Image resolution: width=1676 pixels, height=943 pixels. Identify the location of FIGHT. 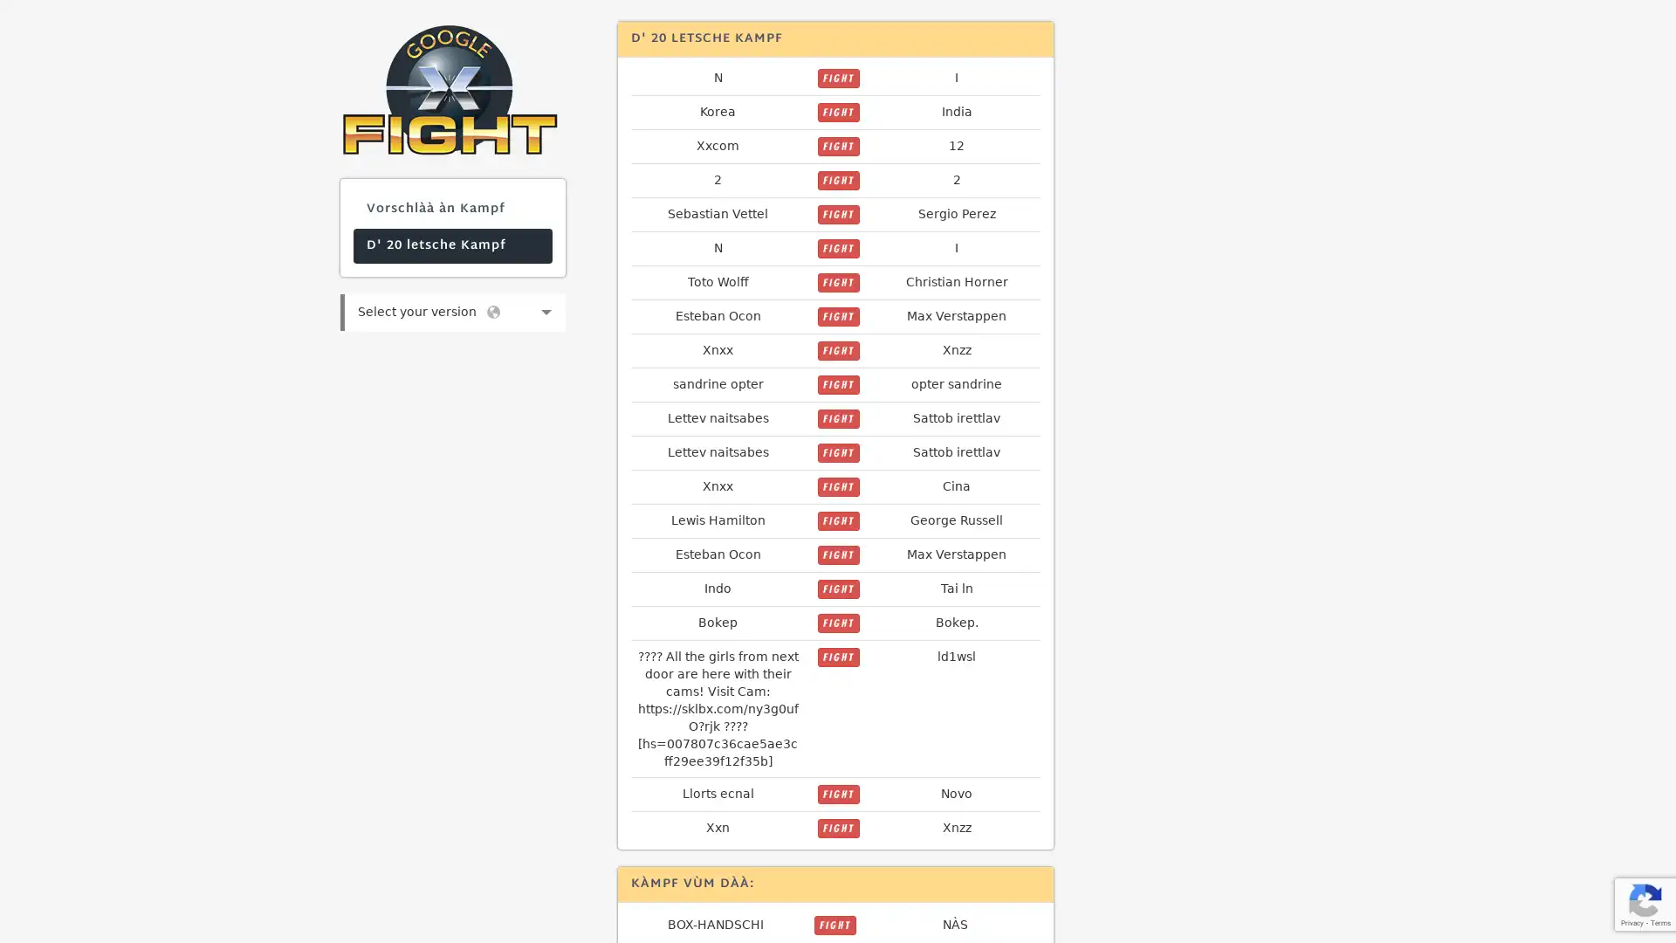
(838, 589).